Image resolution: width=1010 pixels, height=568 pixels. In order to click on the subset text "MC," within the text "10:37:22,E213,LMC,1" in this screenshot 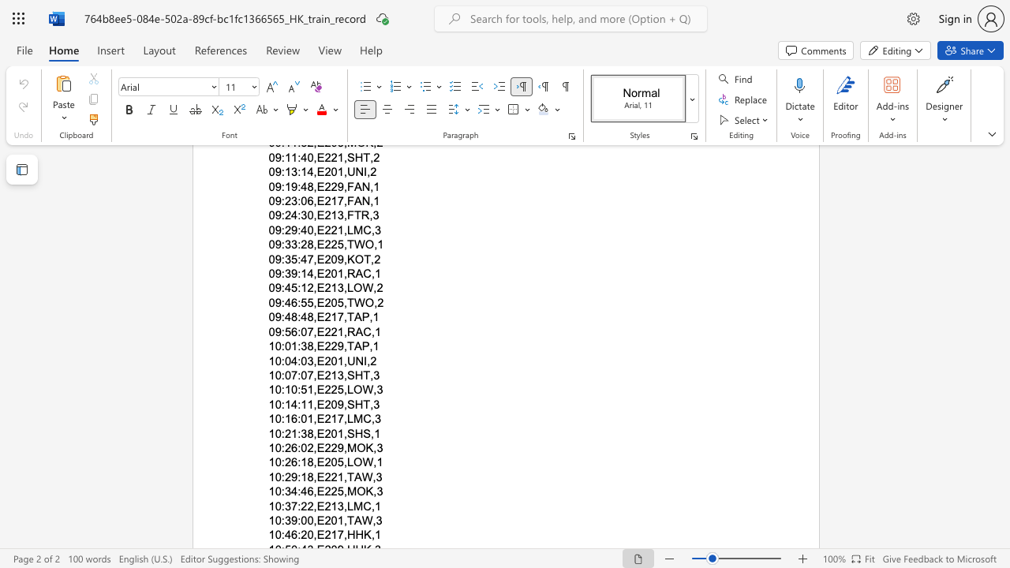, I will do `click(353, 506)`.